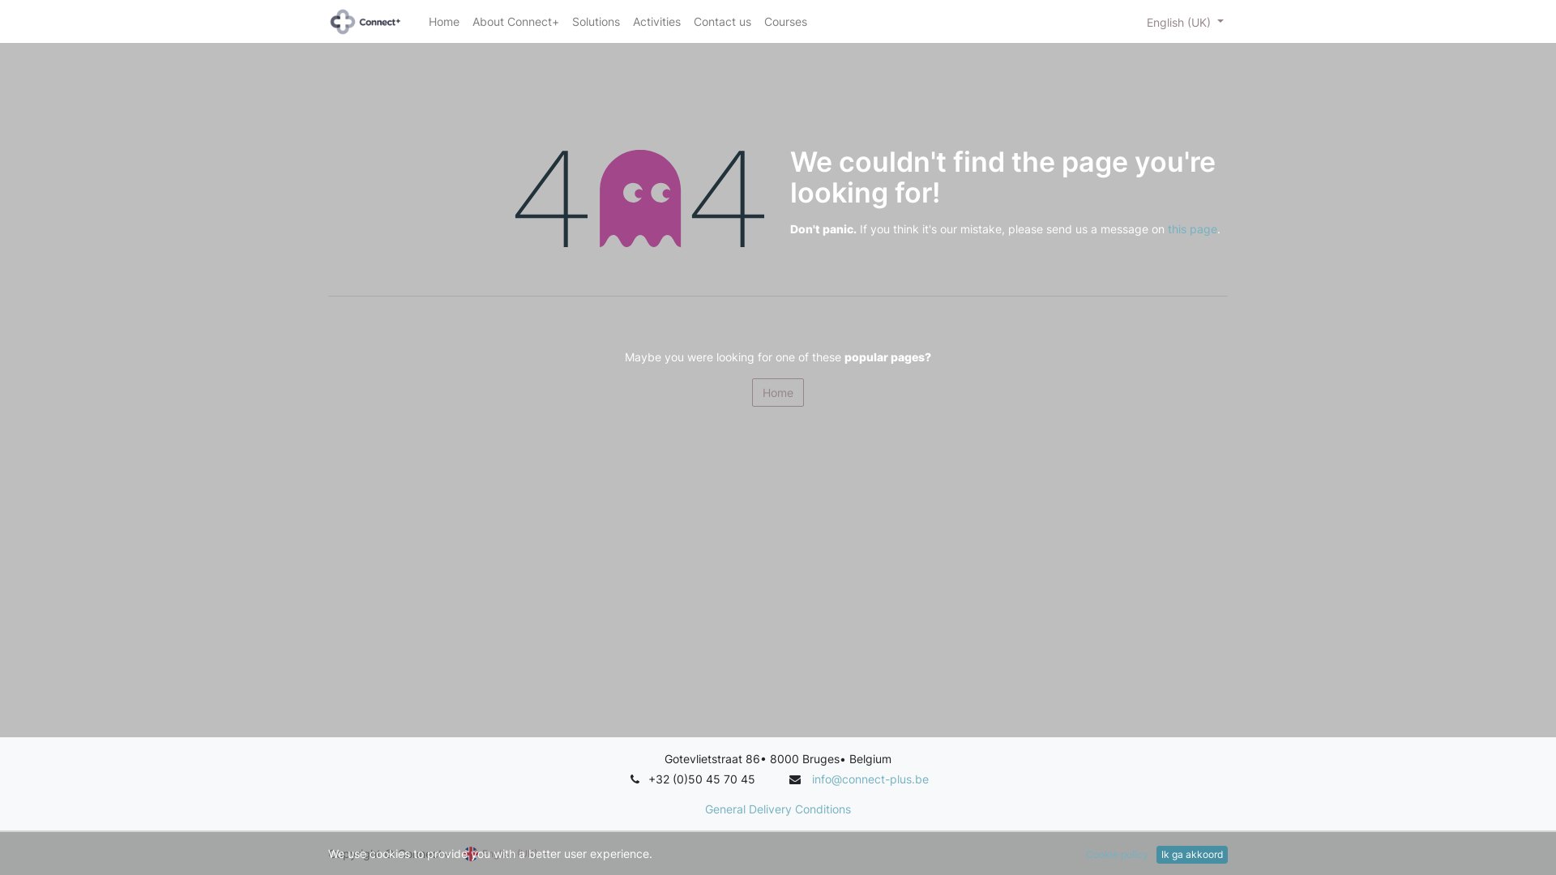 The image size is (1556, 875). What do you see at coordinates (681, 778) in the screenshot?
I see `'+32 (0)50 4'` at bounding box center [681, 778].